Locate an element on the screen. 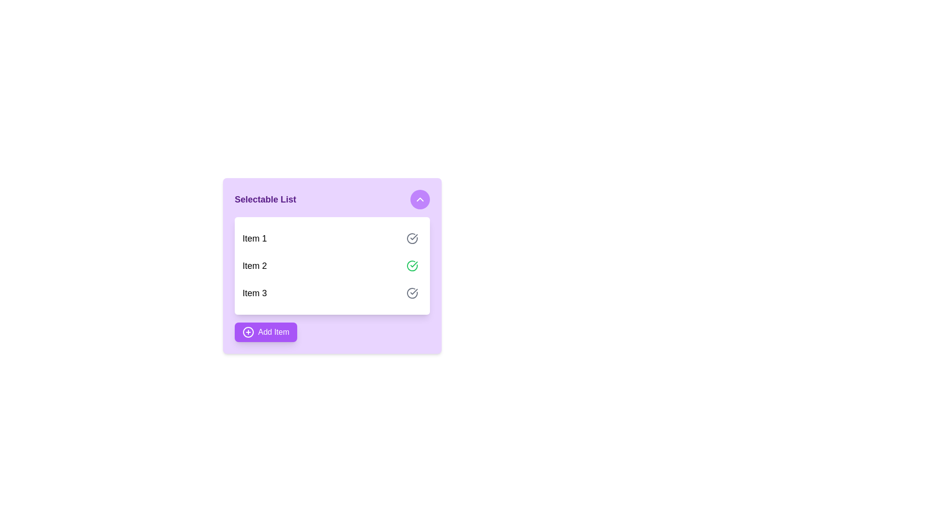  the status icon in the third row of the 'Selectable List' that indicates a selected or completed status for 'Item 3' is located at coordinates (412, 293).